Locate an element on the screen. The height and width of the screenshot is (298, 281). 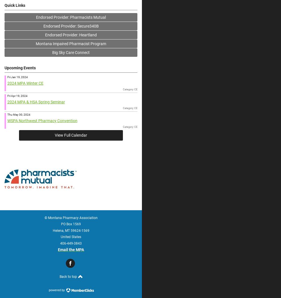
'Thu May 30, 2024' is located at coordinates (18, 114).